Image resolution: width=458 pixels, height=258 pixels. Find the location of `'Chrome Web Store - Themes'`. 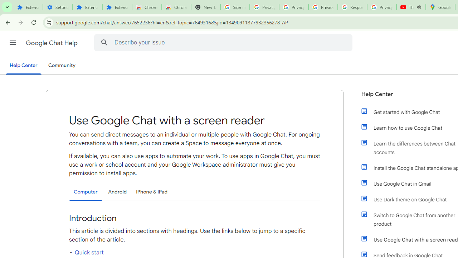

'Chrome Web Store - Themes' is located at coordinates (176, 7).